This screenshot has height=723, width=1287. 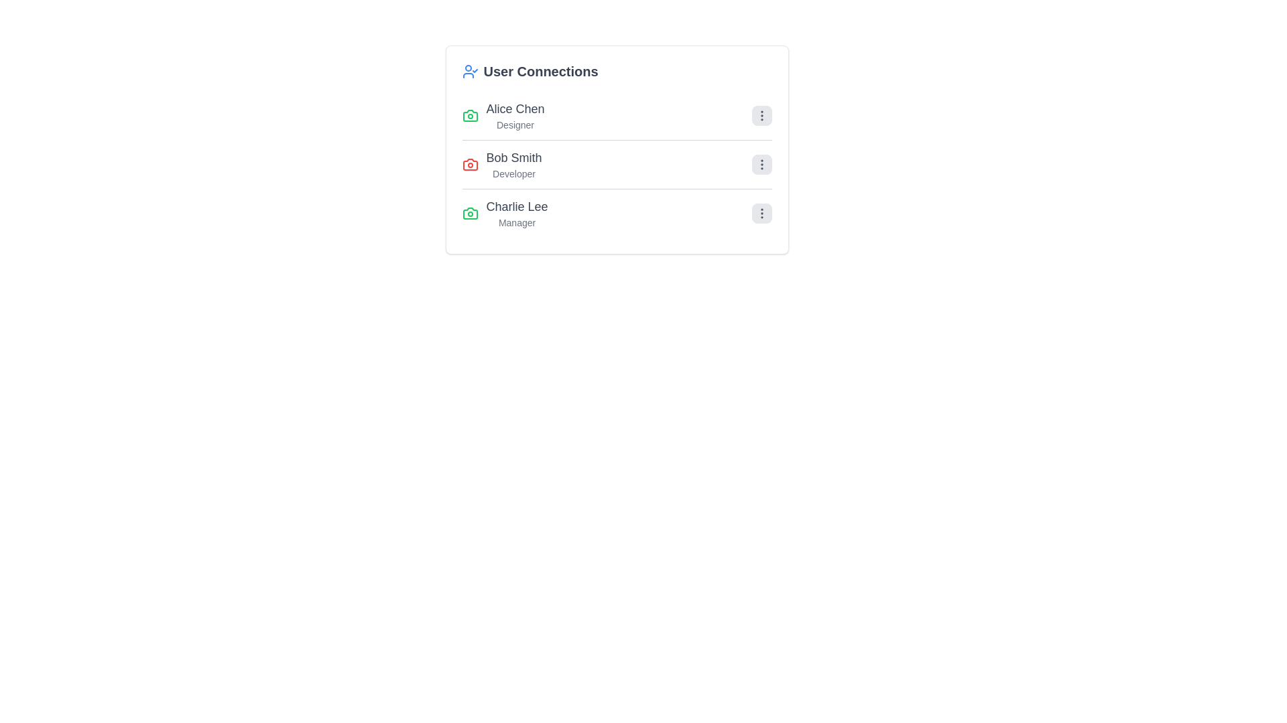 I want to click on the text label providing additional detail about 'Bob Smith's' role or profession, located directly below 'Bob Smith' in the 'User Connections' section, so click(x=513, y=173).